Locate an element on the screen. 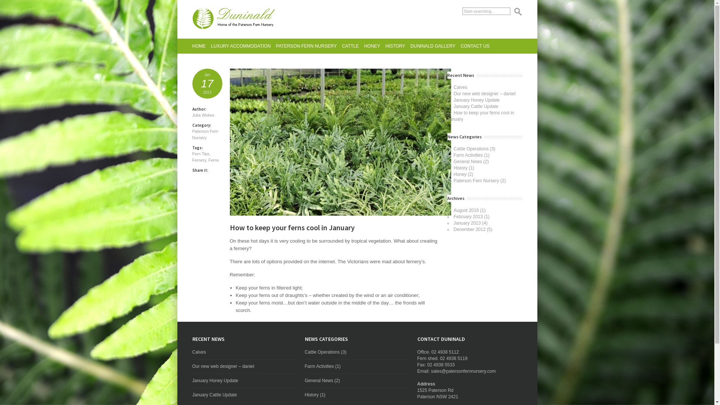  'December 2012' is located at coordinates (469, 229).